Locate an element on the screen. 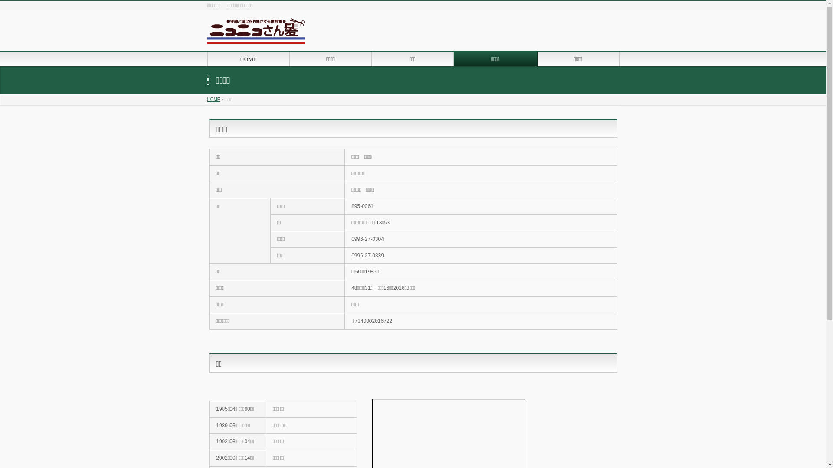 The height and width of the screenshot is (468, 833). 'HOME' is located at coordinates (248, 58).